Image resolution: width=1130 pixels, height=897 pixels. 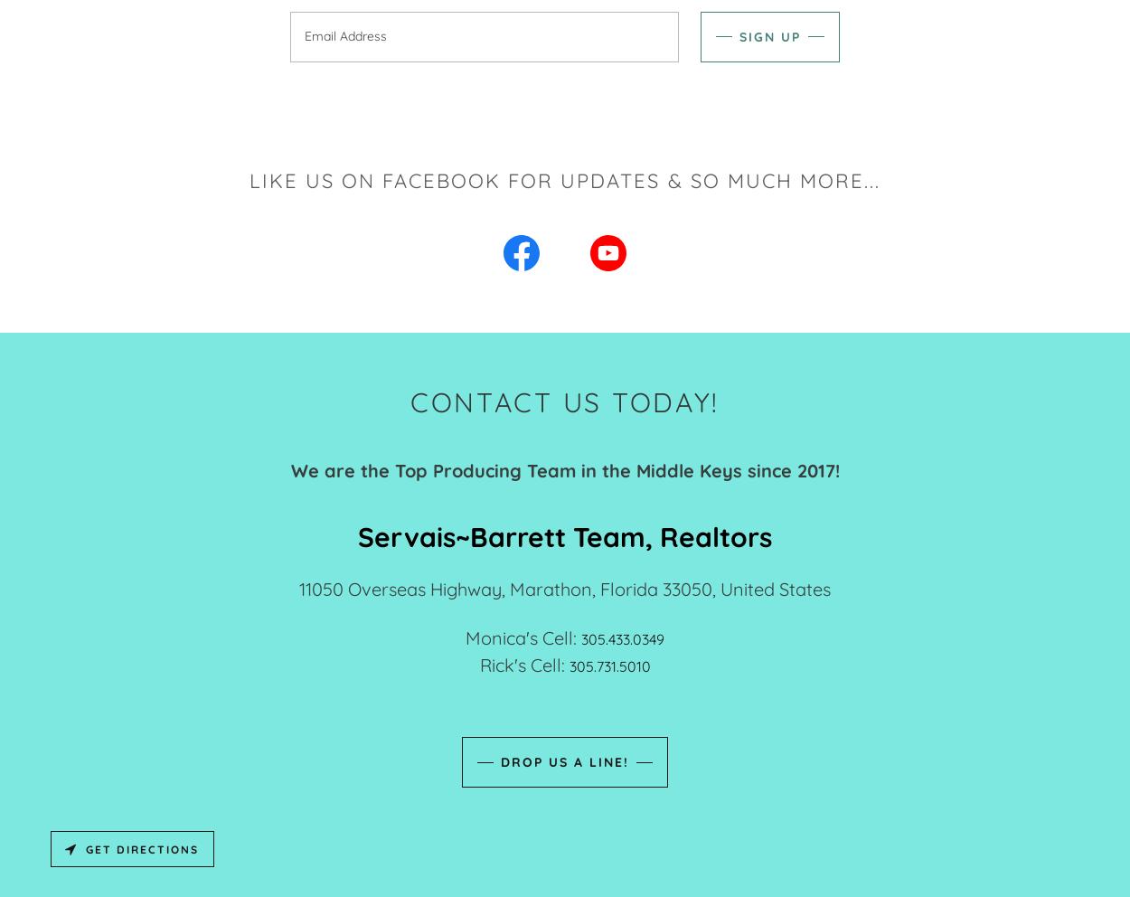 I want to click on 'We are the Top Producing Team in the Middle Keys since 2017!', so click(x=288, y=468).